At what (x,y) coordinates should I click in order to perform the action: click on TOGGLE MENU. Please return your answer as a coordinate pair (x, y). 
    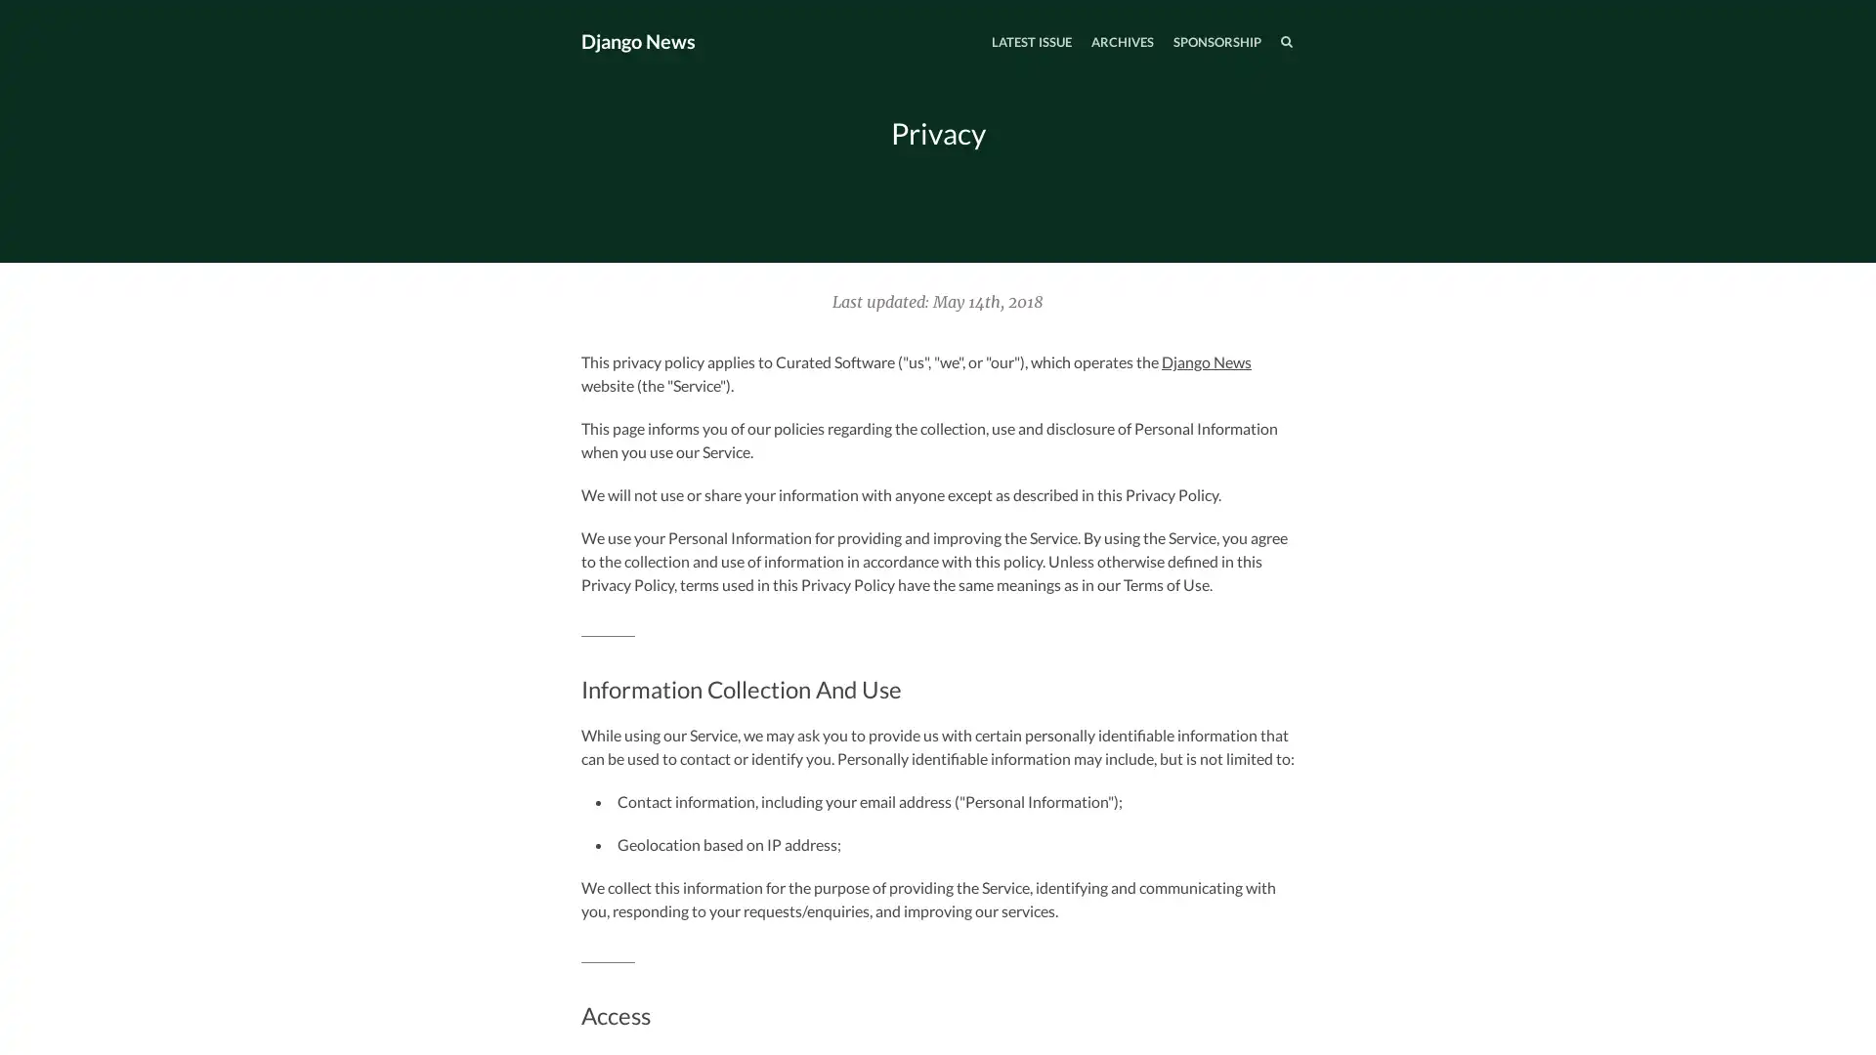
    Looking at the image, I should click on (584, 4).